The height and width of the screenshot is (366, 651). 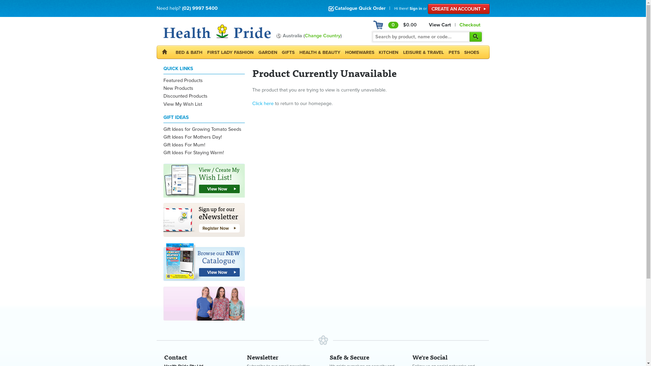 I want to click on 'Click here', so click(x=262, y=103).